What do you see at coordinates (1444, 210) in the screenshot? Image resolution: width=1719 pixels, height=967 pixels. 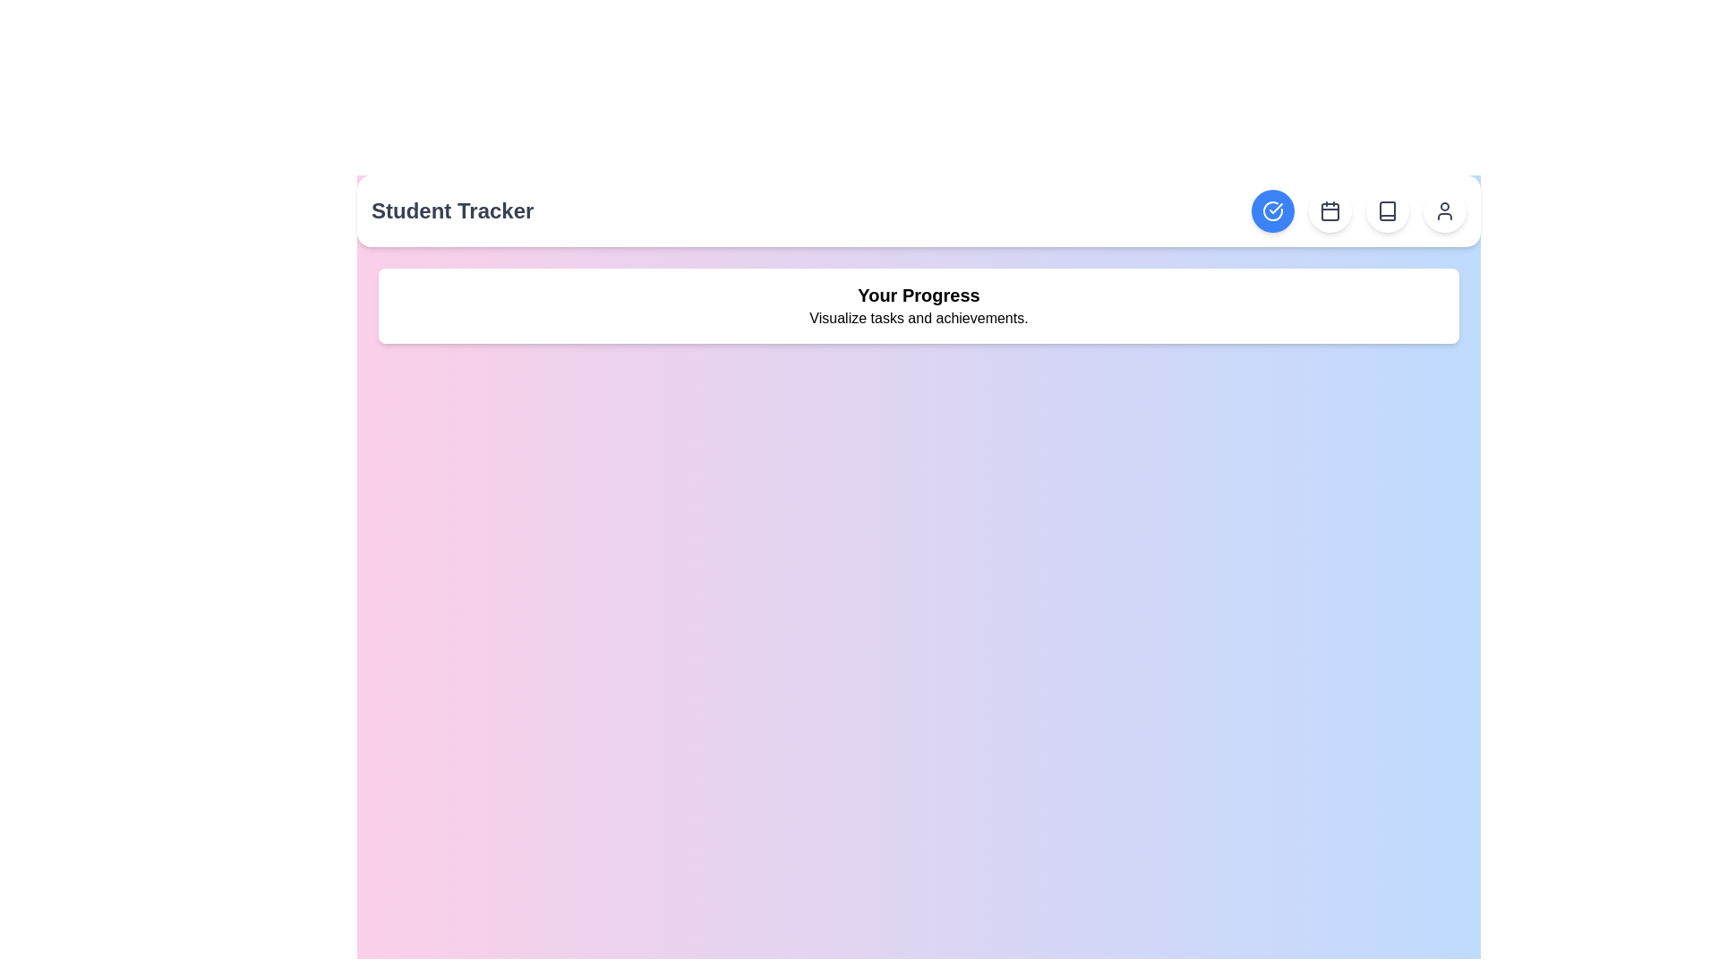 I see `the button containing the user profile icon, which is the fourth button in the top-right corner of the header section` at bounding box center [1444, 210].